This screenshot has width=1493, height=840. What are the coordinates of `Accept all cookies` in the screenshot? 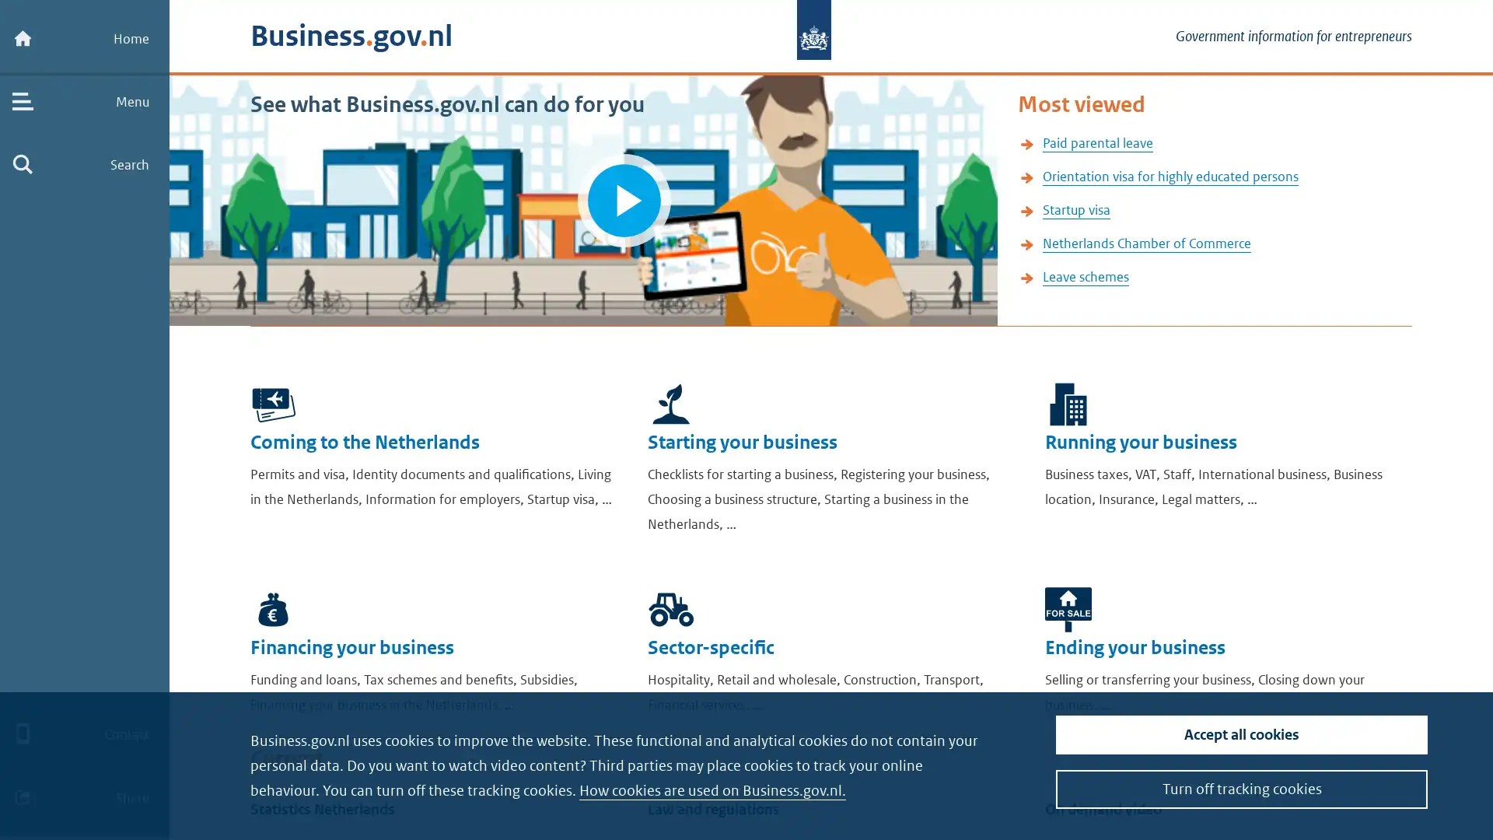 It's located at (1241, 734).